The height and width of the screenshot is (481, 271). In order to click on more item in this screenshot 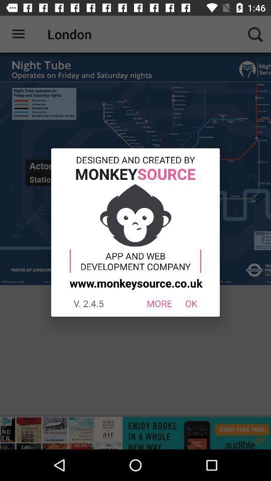, I will do `click(159, 303)`.